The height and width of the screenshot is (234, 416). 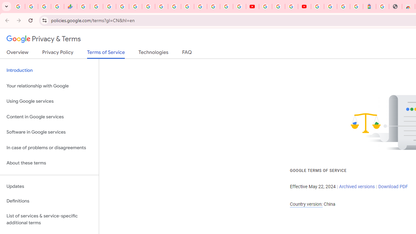 What do you see at coordinates (291, 6) in the screenshot?
I see `'Create your Google Account'` at bounding box center [291, 6].